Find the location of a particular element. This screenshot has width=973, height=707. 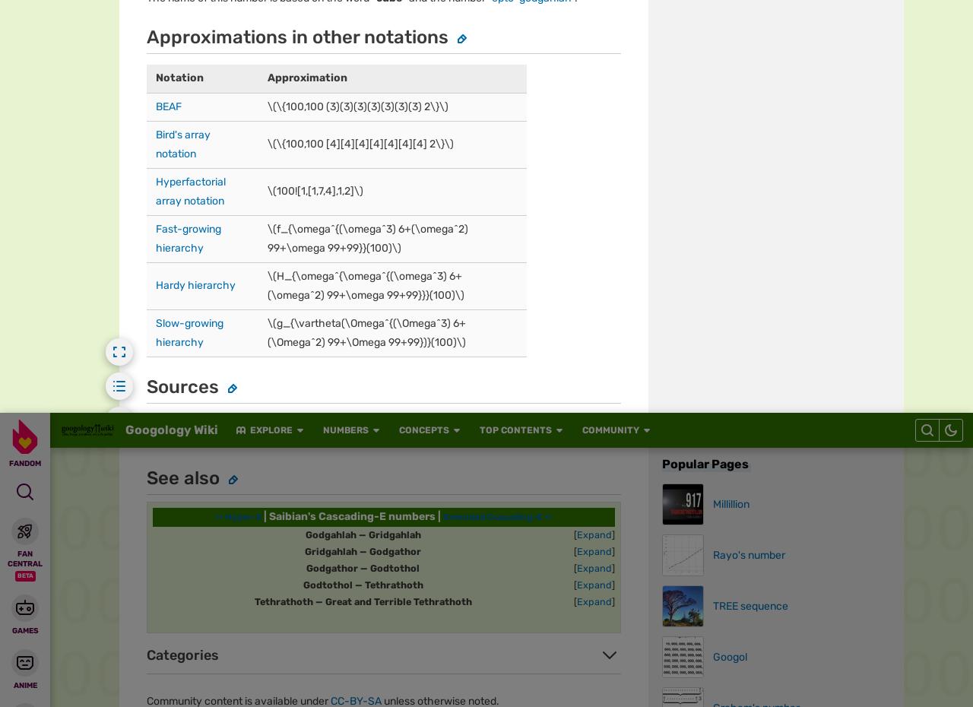

'Press' is located at coordinates (341, 65).